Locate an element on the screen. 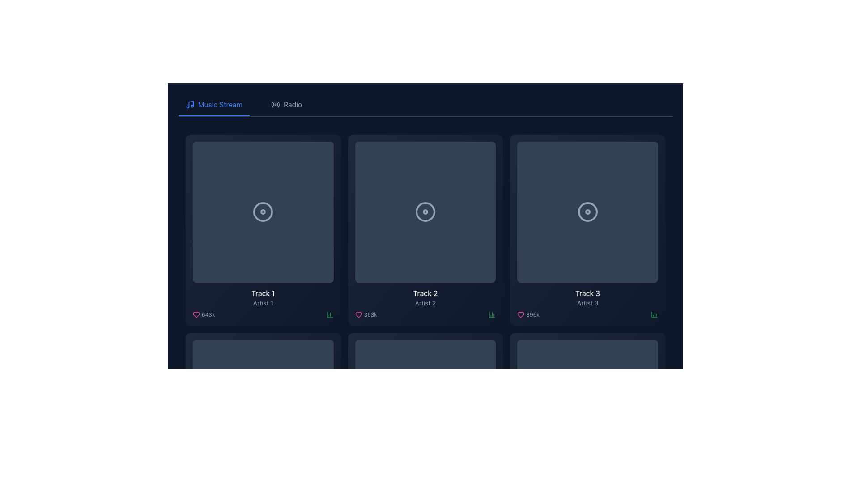 This screenshot has width=859, height=483. the green column chart icon located in the bottom-right section of the 'Track 2' card is located at coordinates (329, 314).